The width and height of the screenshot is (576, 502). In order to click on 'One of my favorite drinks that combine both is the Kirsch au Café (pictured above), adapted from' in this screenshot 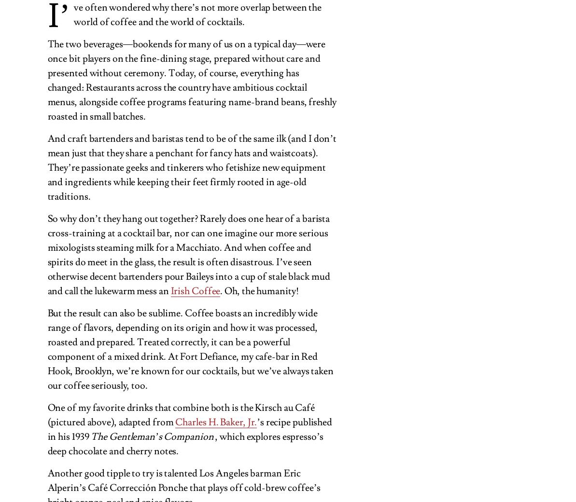, I will do `click(181, 414)`.